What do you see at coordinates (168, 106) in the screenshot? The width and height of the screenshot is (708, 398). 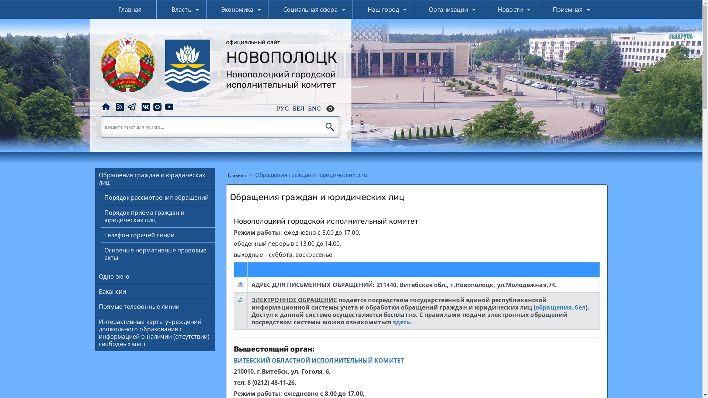 I see `'Youtube'` at bounding box center [168, 106].